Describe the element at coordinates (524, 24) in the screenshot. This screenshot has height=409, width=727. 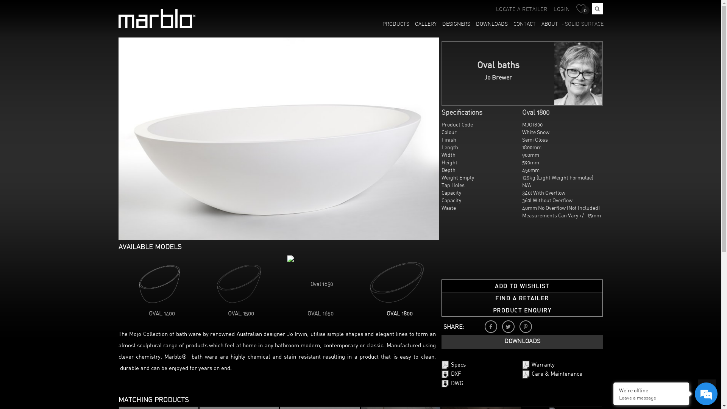
I see `'CONTACT'` at that location.